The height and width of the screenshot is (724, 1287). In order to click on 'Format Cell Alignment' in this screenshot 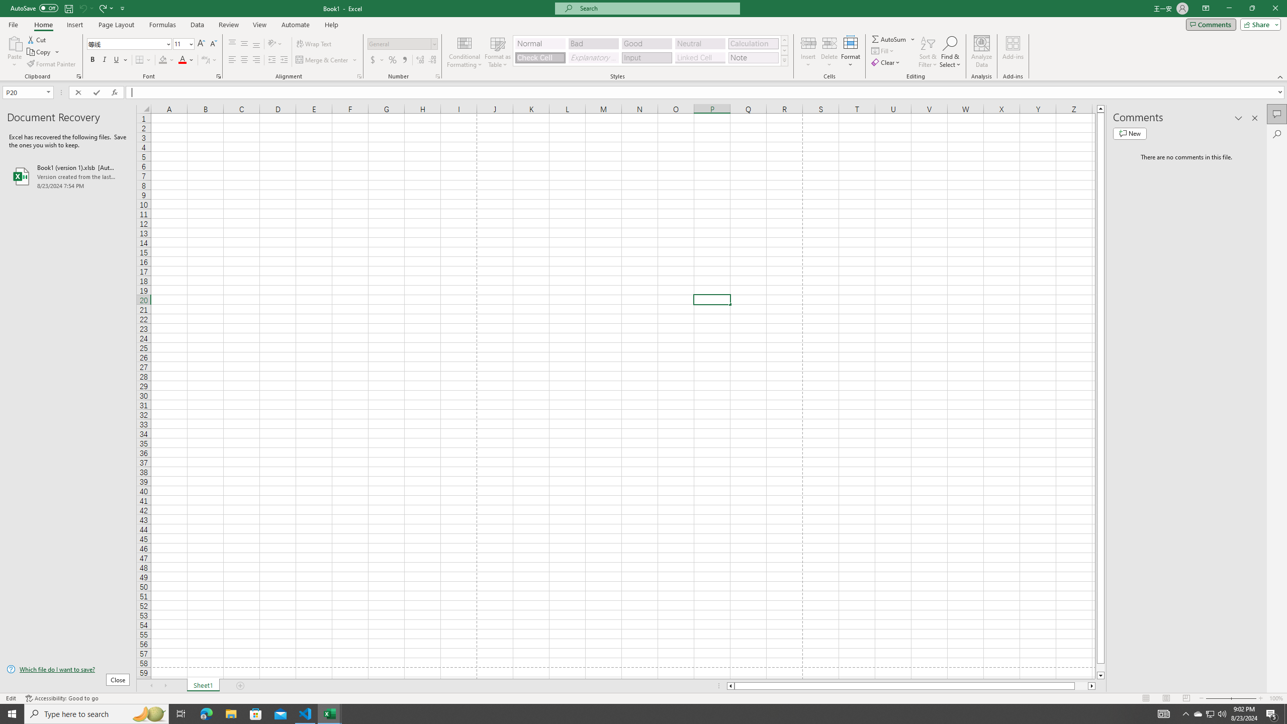, I will do `click(358, 75)`.